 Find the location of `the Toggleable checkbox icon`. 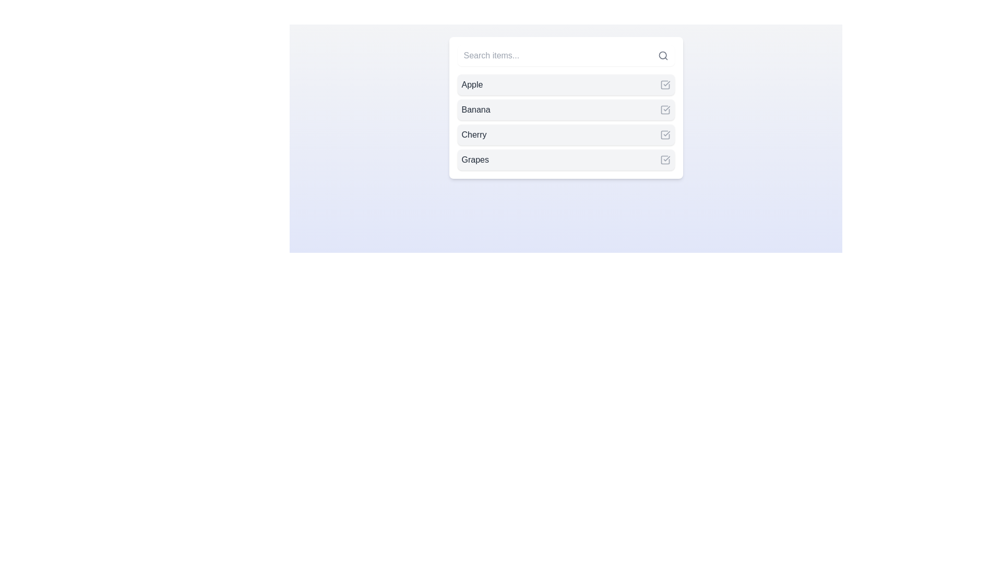

the Toggleable checkbox icon is located at coordinates (664, 160).